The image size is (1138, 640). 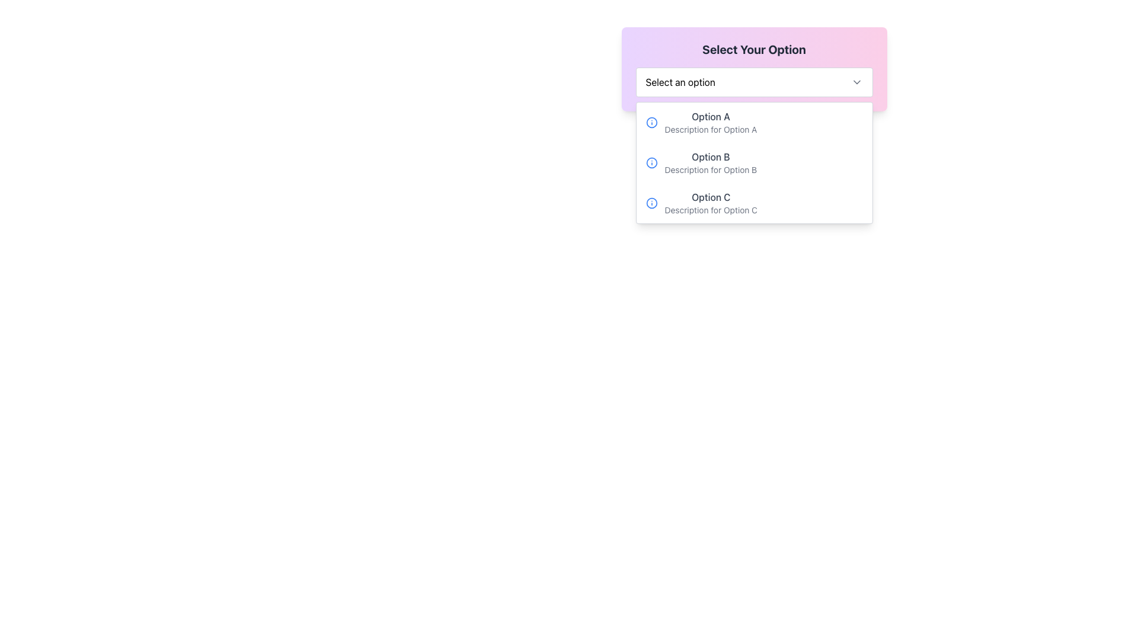 What do you see at coordinates (711, 169) in the screenshot?
I see `the text label that reads 'Description for Option B', which is situated directly below 'Option B' in a dropdown selection list` at bounding box center [711, 169].